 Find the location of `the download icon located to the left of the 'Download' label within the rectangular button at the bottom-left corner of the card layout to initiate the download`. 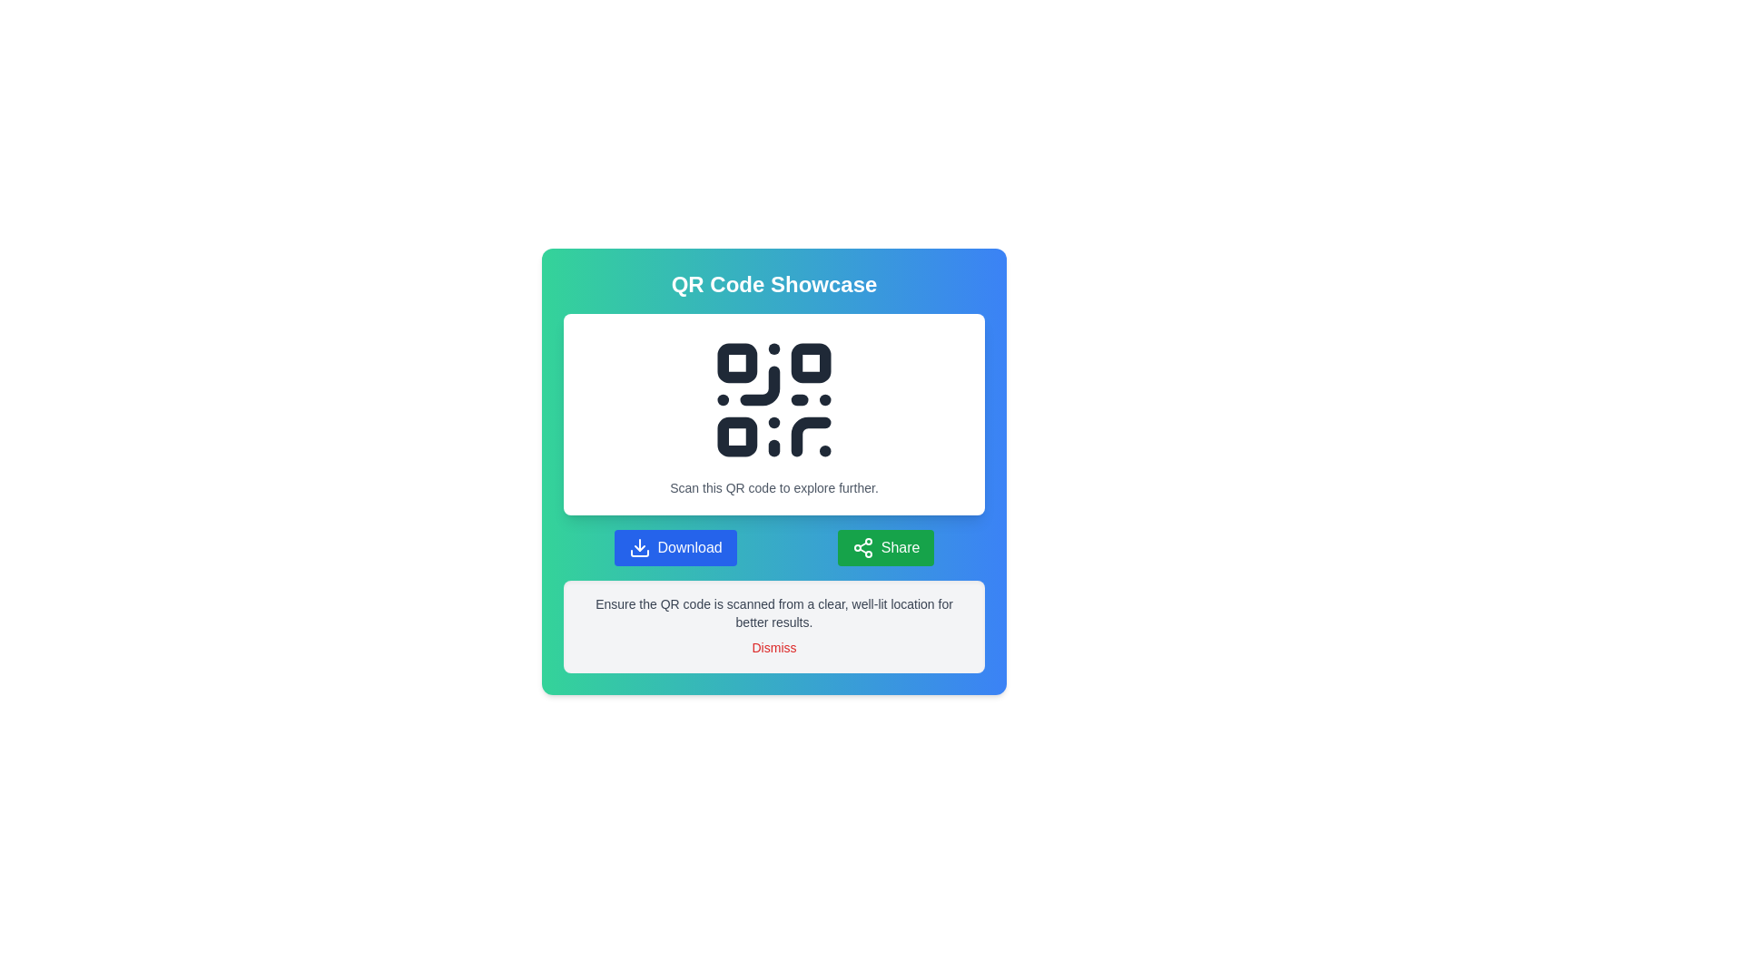

the download icon located to the left of the 'Download' label within the rectangular button at the bottom-left corner of the card layout to initiate the download is located at coordinates (639, 547).